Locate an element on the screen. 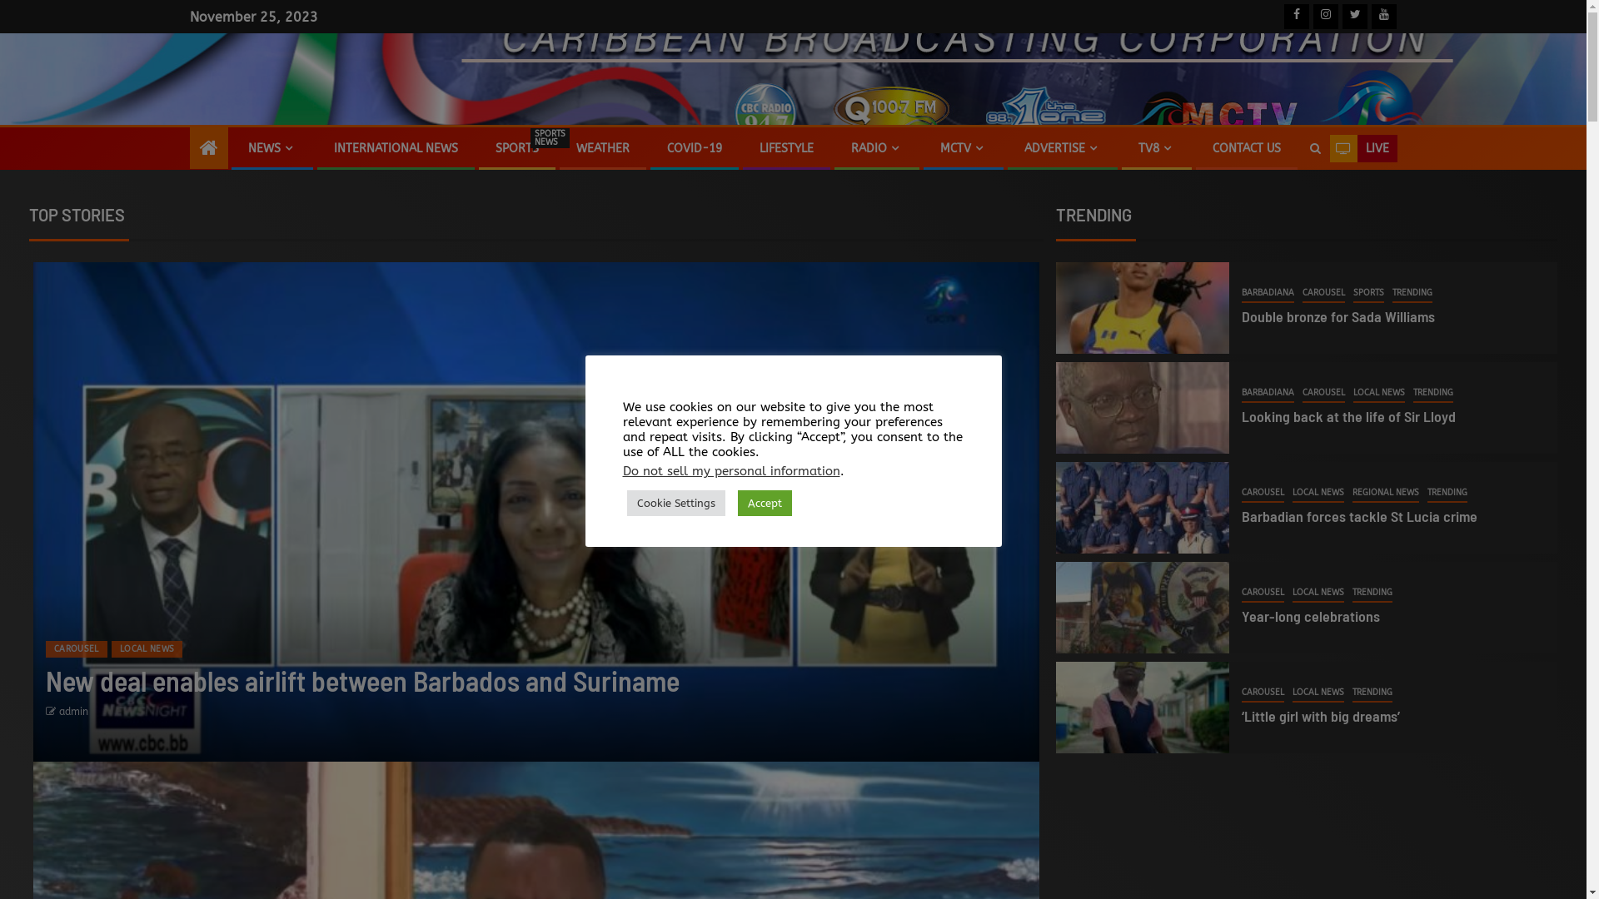 Image resolution: width=1599 pixels, height=899 pixels. 'CAROUSEL' is located at coordinates (75, 648).